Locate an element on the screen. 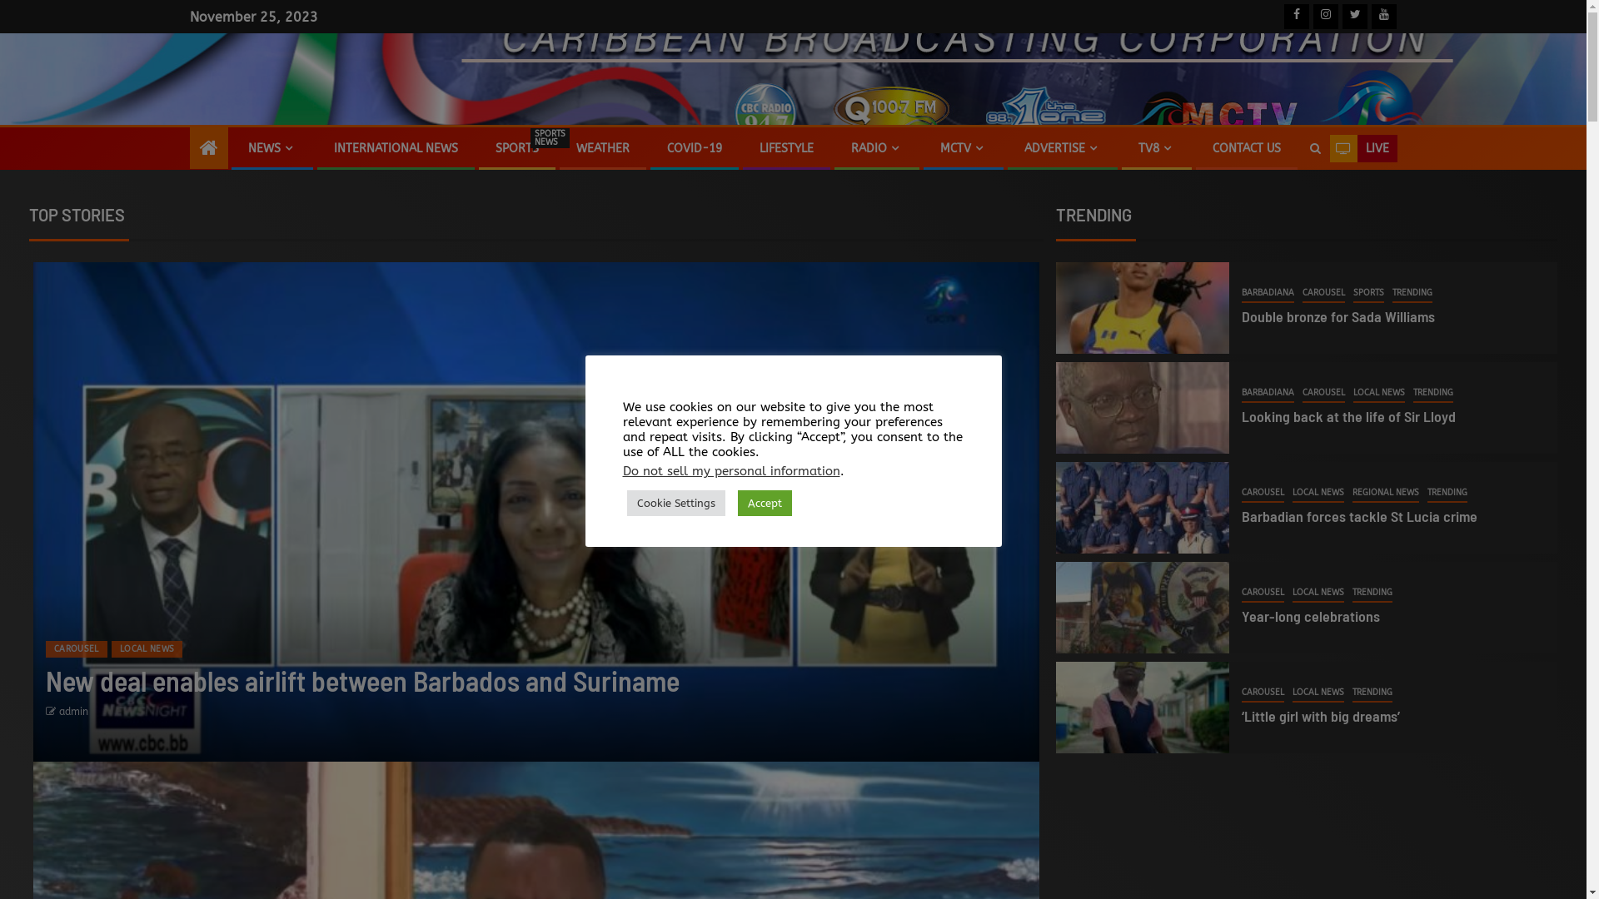 Image resolution: width=1599 pixels, height=899 pixels. 'CAROUSEL' is located at coordinates (75, 648).